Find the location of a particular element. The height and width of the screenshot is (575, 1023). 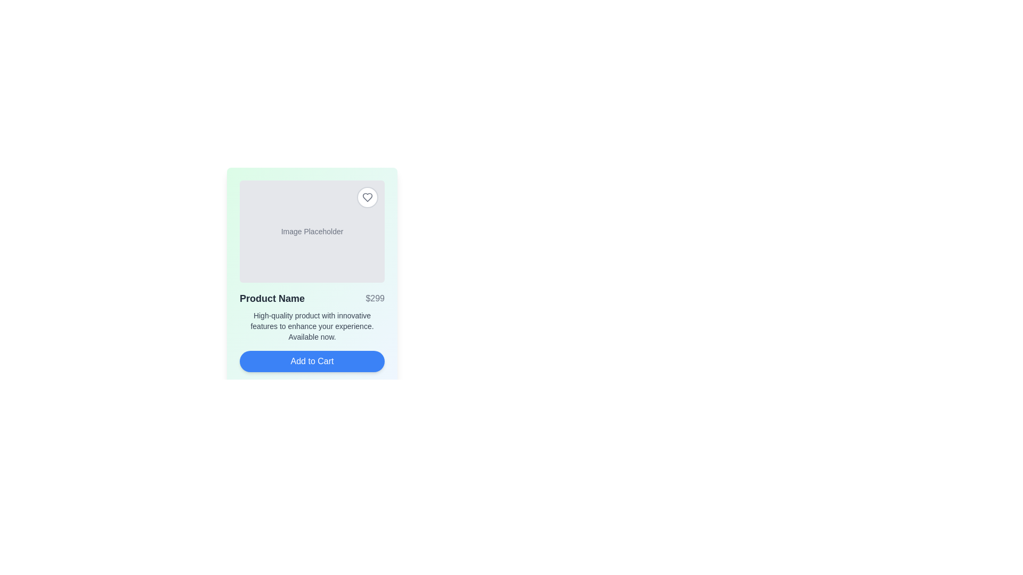

the static display area with a light gray background that contains the text 'Image Placeholder' in its center is located at coordinates (311, 231).